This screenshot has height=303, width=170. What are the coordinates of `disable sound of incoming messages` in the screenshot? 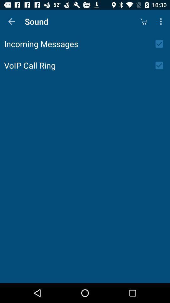 It's located at (161, 44).